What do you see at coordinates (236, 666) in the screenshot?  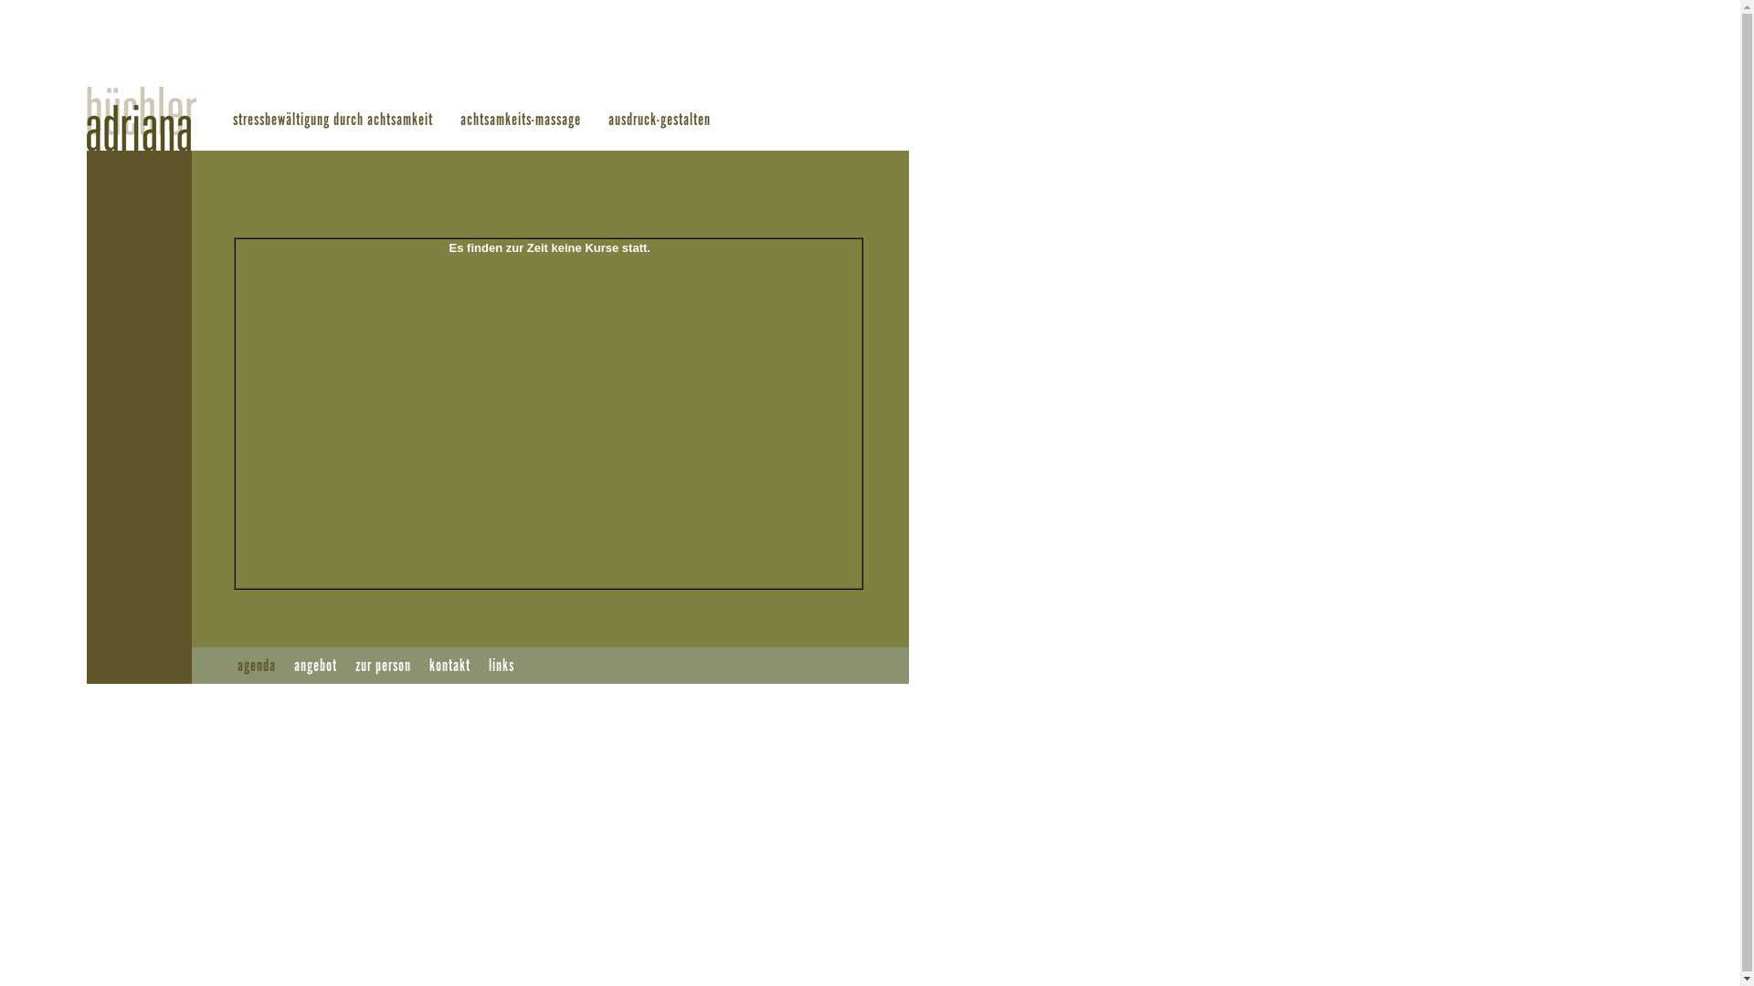 I see `'agenda'` at bounding box center [236, 666].